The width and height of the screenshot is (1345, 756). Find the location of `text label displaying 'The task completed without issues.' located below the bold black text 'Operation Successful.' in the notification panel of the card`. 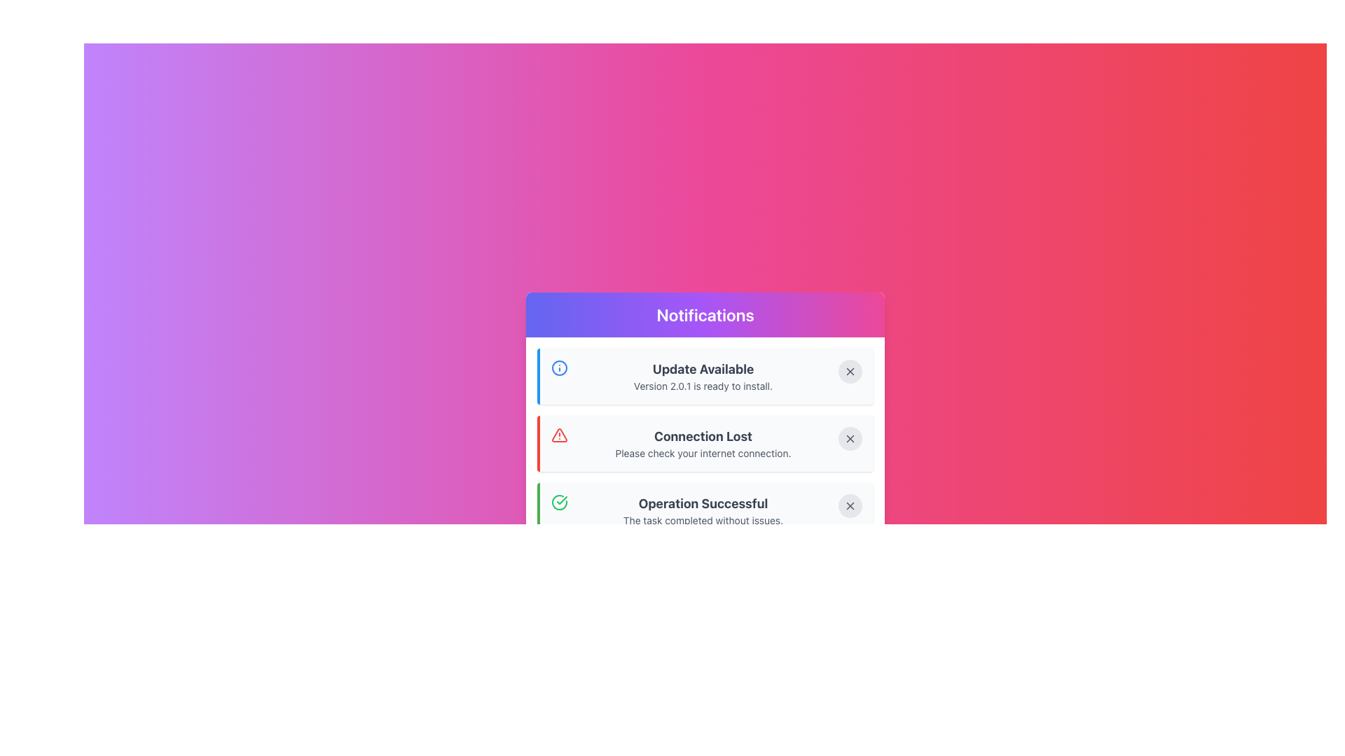

text label displaying 'The task completed without issues.' located below the bold black text 'Operation Successful.' in the notification panel of the card is located at coordinates (703, 521).